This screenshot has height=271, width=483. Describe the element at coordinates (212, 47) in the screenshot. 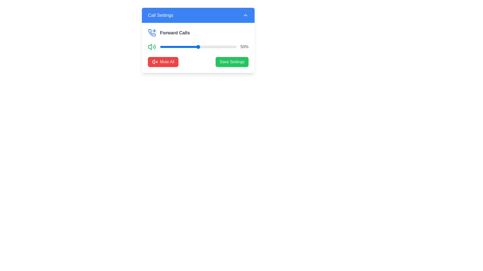

I see `the volume slider` at that location.